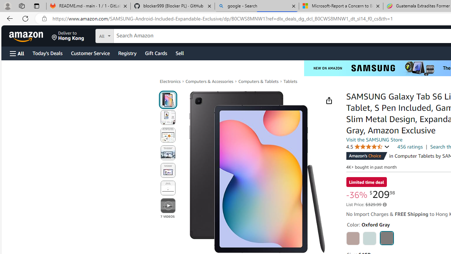 The image size is (451, 254). I want to click on 'Search in', so click(131, 35).